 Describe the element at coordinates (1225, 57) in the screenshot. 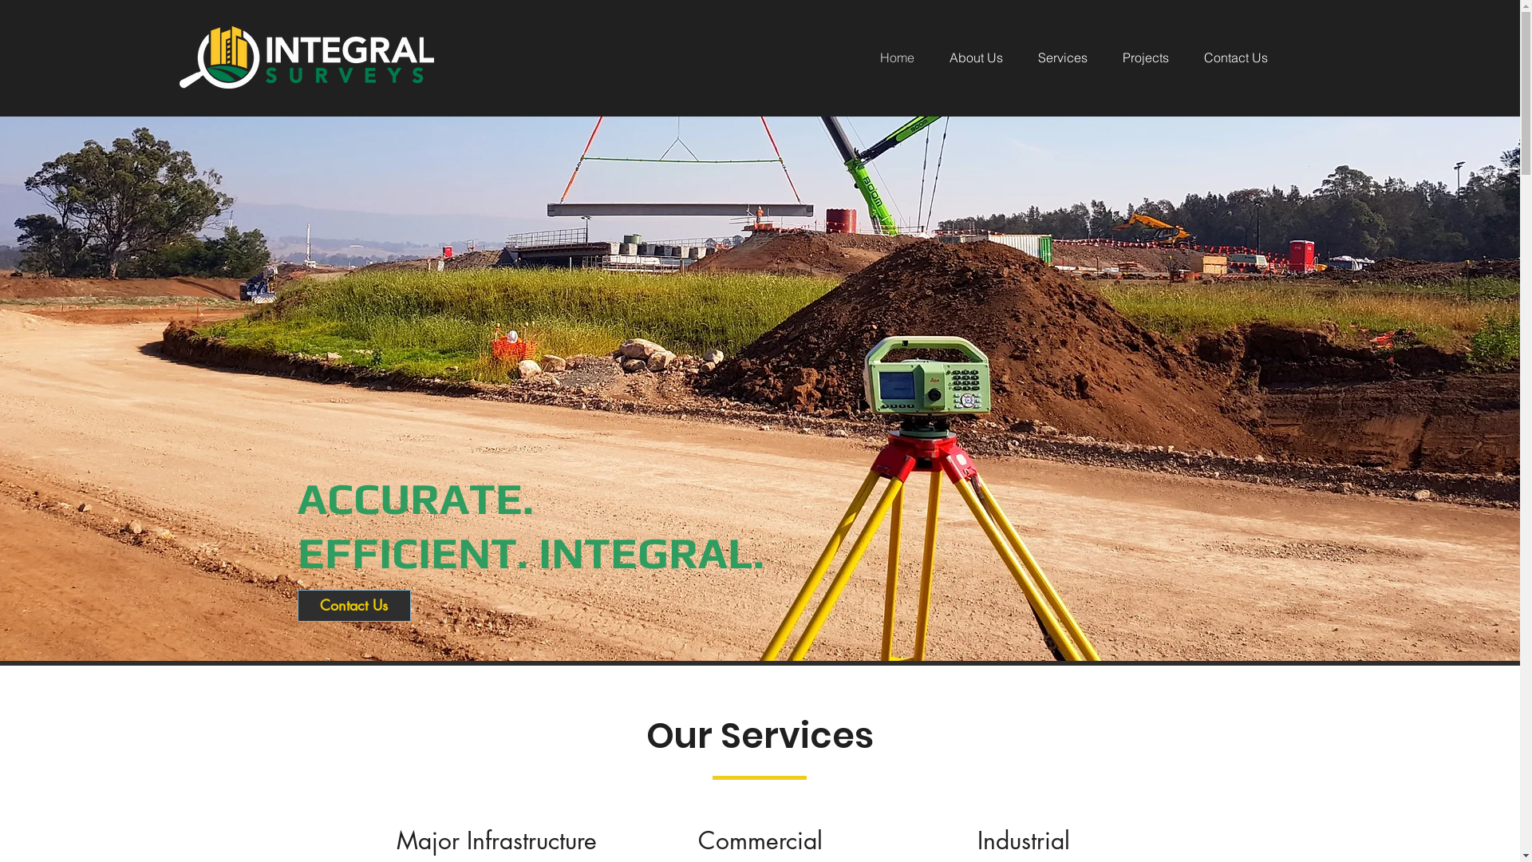

I see `'Contact Us'` at that location.